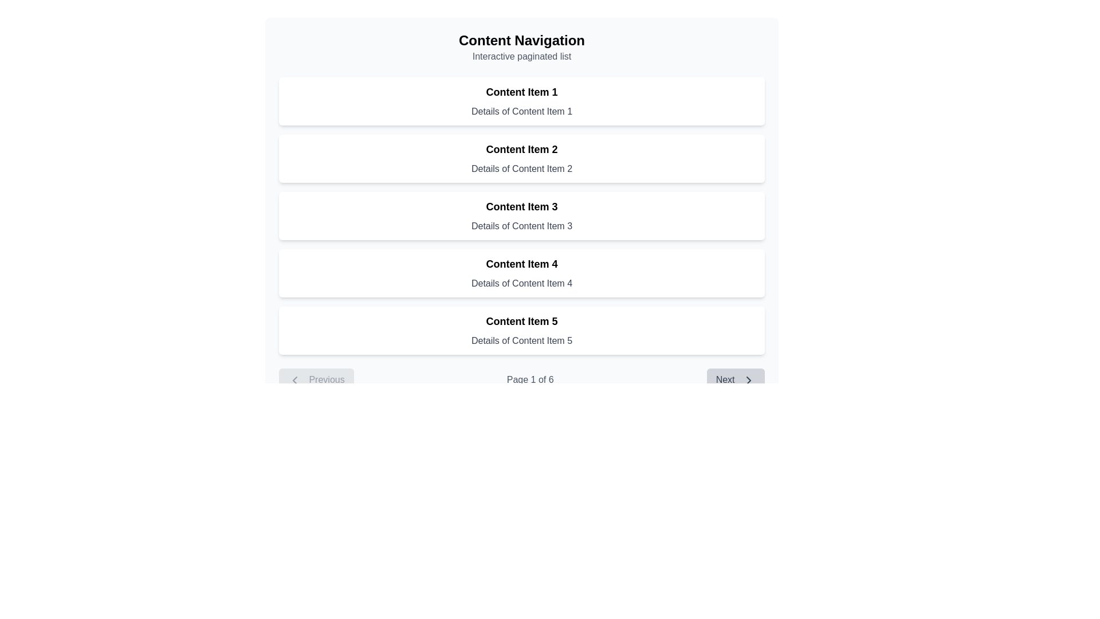 Image resolution: width=1100 pixels, height=619 pixels. Describe the element at coordinates (316, 380) in the screenshot. I see `the 'Previous' button located at the bottom left of the navigation bar, which has a light gray background and the text 'Previous' with a left-pointing arrow icon` at that location.